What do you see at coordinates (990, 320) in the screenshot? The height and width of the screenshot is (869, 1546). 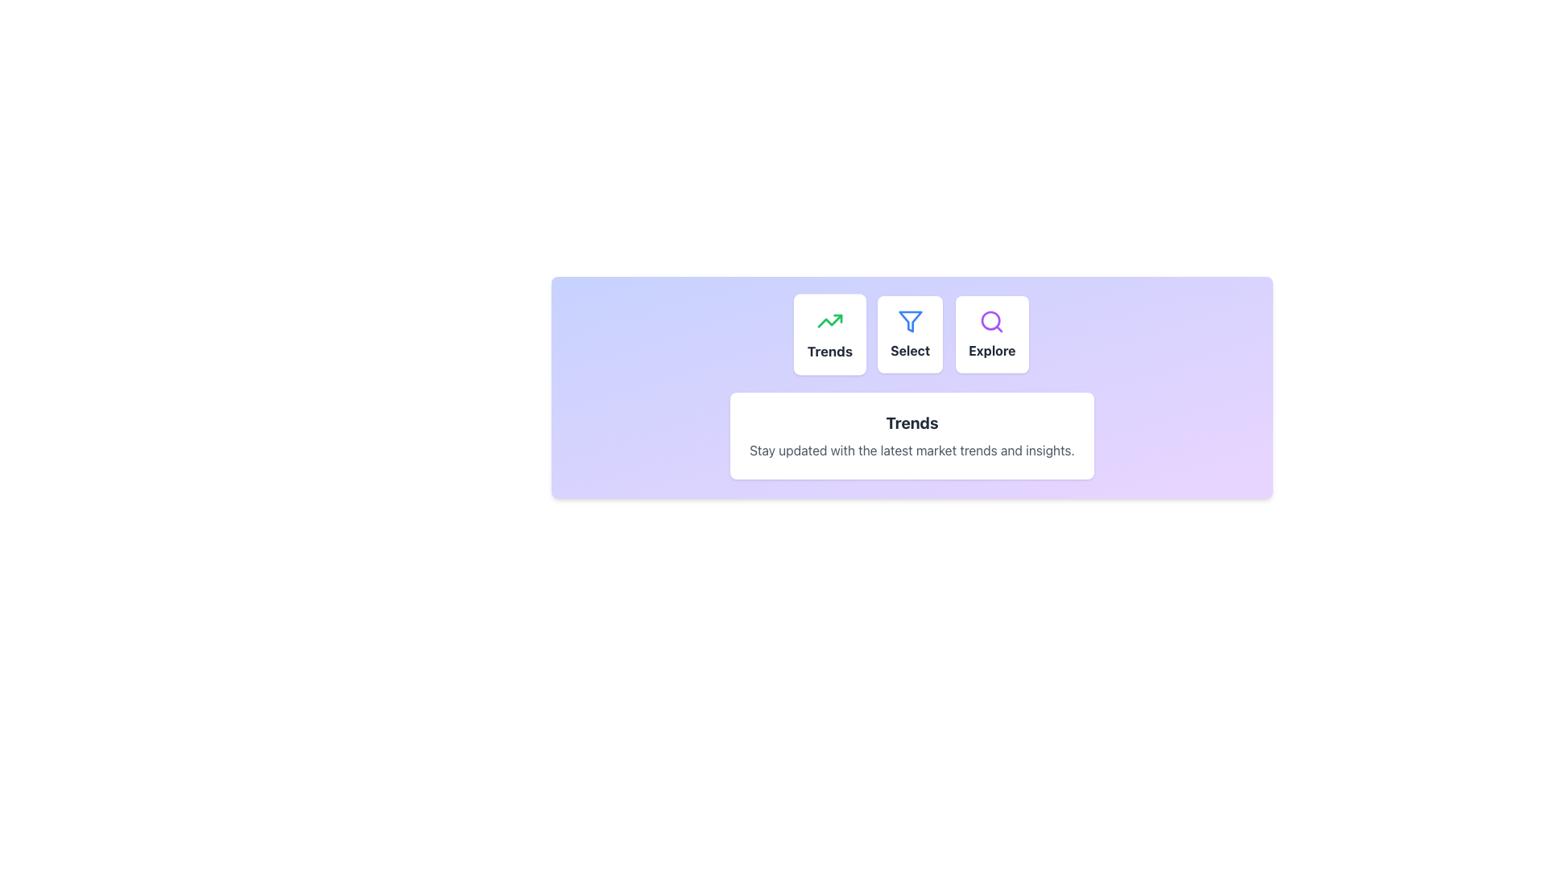 I see `the inner boundary circle of the magnifying glass lens within the 'Explore' icon, which is the third icon in the row of 'Trends', 'Select', and 'Explore'` at bounding box center [990, 320].